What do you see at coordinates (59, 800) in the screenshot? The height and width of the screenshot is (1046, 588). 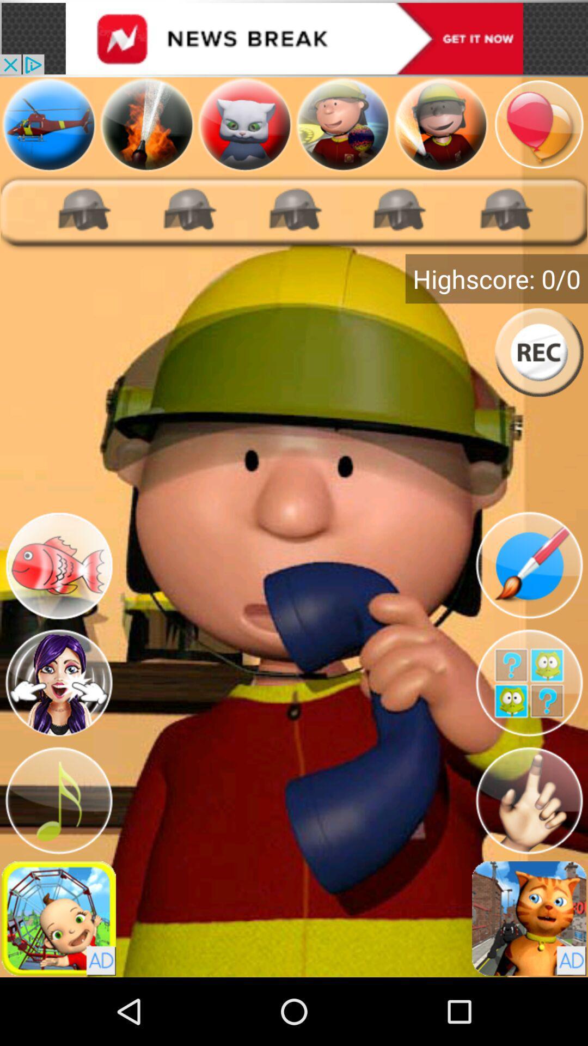 I see `music options` at bounding box center [59, 800].